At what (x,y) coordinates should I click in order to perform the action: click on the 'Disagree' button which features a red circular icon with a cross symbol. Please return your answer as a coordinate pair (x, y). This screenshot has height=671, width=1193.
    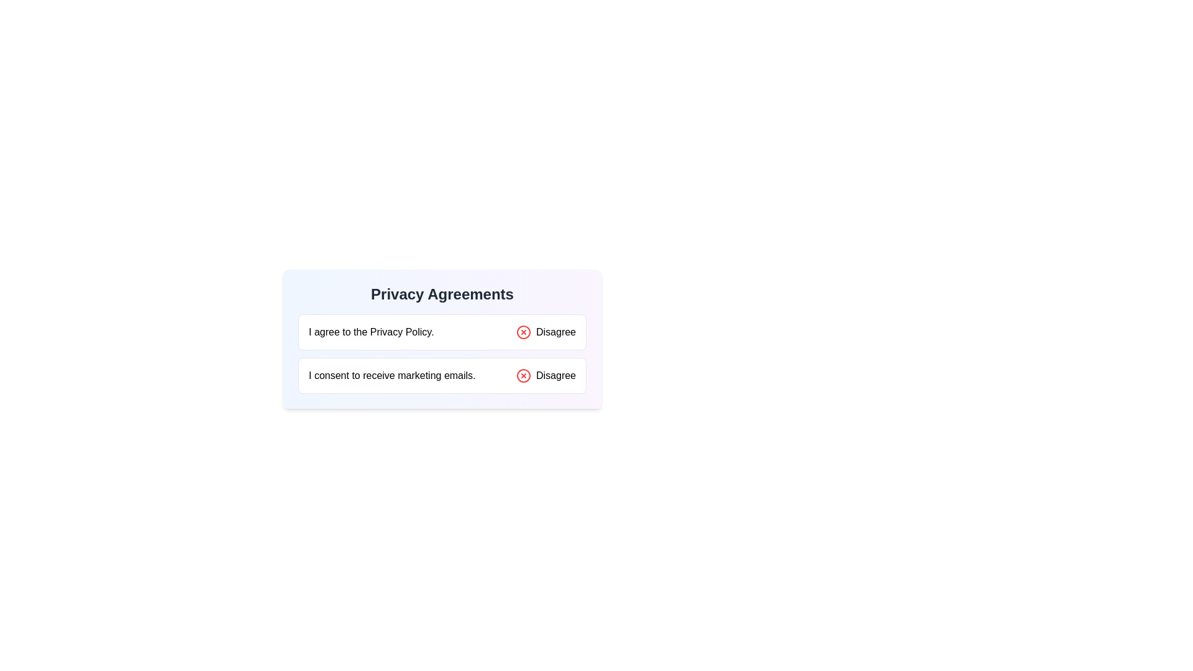
    Looking at the image, I should click on (546, 332).